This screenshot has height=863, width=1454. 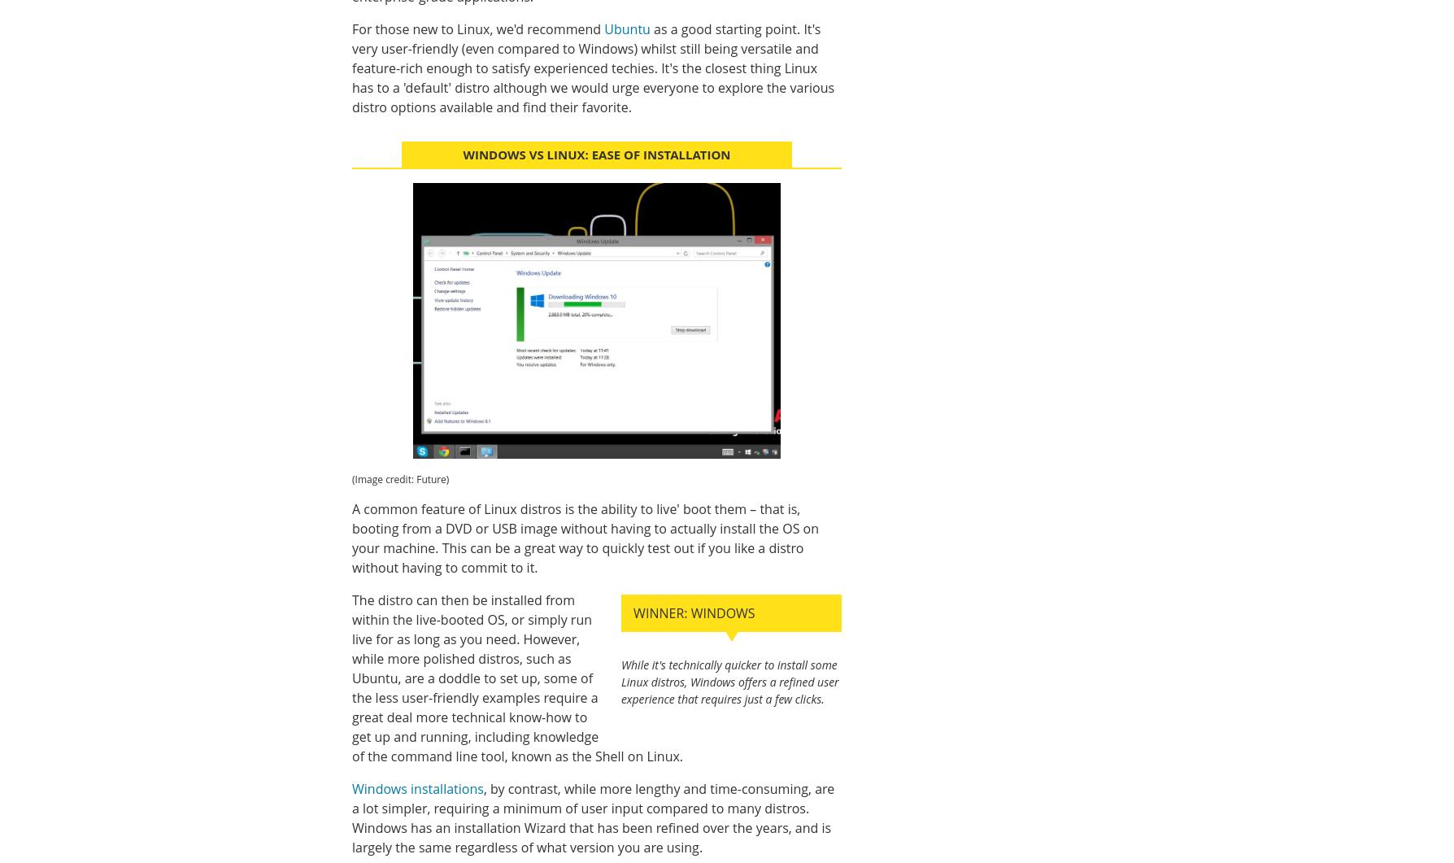 I want to click on 'Winner: Windows', so click(x=633, y=612).